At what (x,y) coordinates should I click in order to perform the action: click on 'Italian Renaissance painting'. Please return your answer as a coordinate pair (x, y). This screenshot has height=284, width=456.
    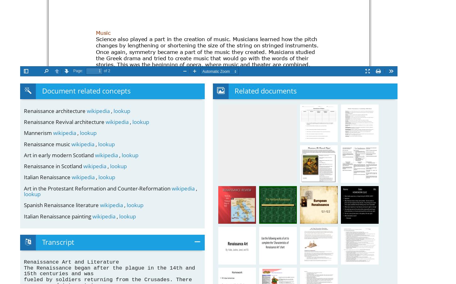
    Looking at the image, I should click on (58, 216).